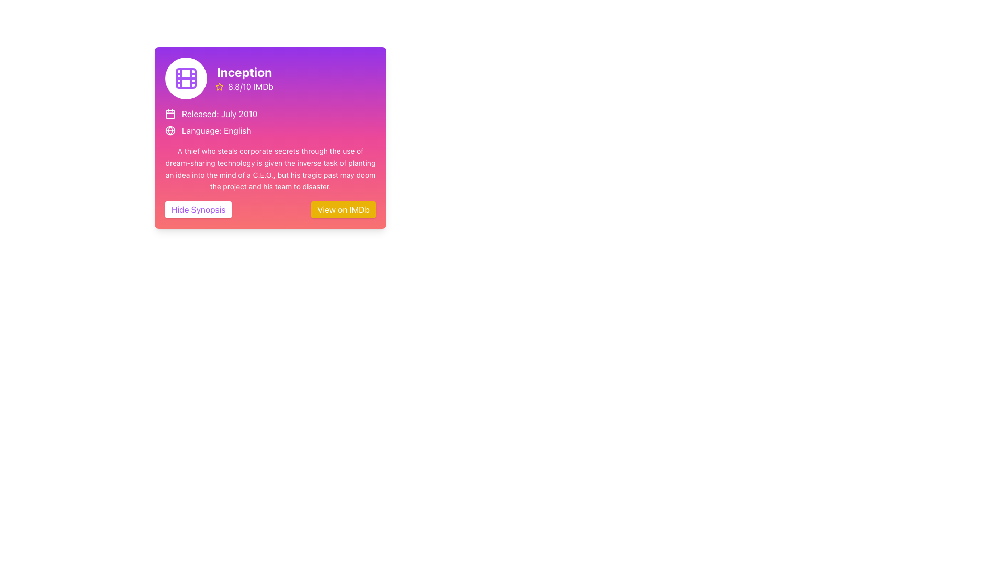 The height and width of the screenshot is (565, 1004). Describe the element at coordinates (244, 72) in the screenshot. I see `the bold-text title "Inception"` at that location.